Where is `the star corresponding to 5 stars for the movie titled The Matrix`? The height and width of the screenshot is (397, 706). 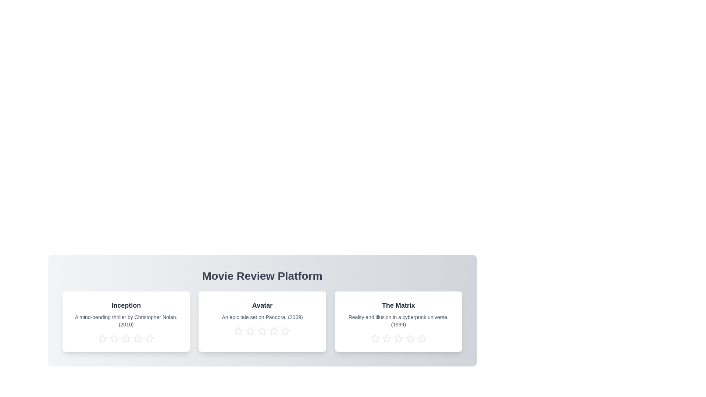 the star corresponding to 5 stars for the movie titled The Matrix is located at coordinates (422, 339).